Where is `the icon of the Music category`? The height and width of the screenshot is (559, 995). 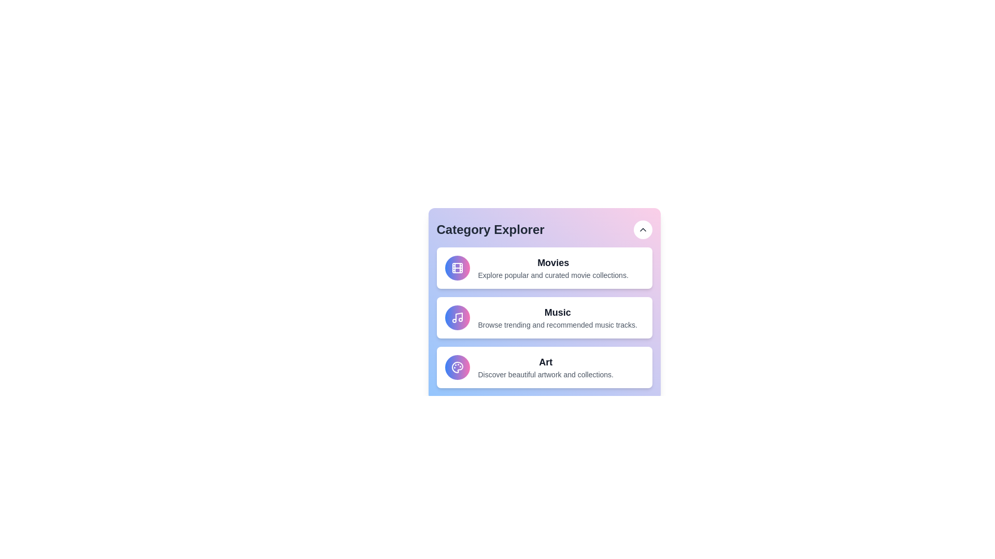
the icon of the Music category is located at coordinates (457, 317).